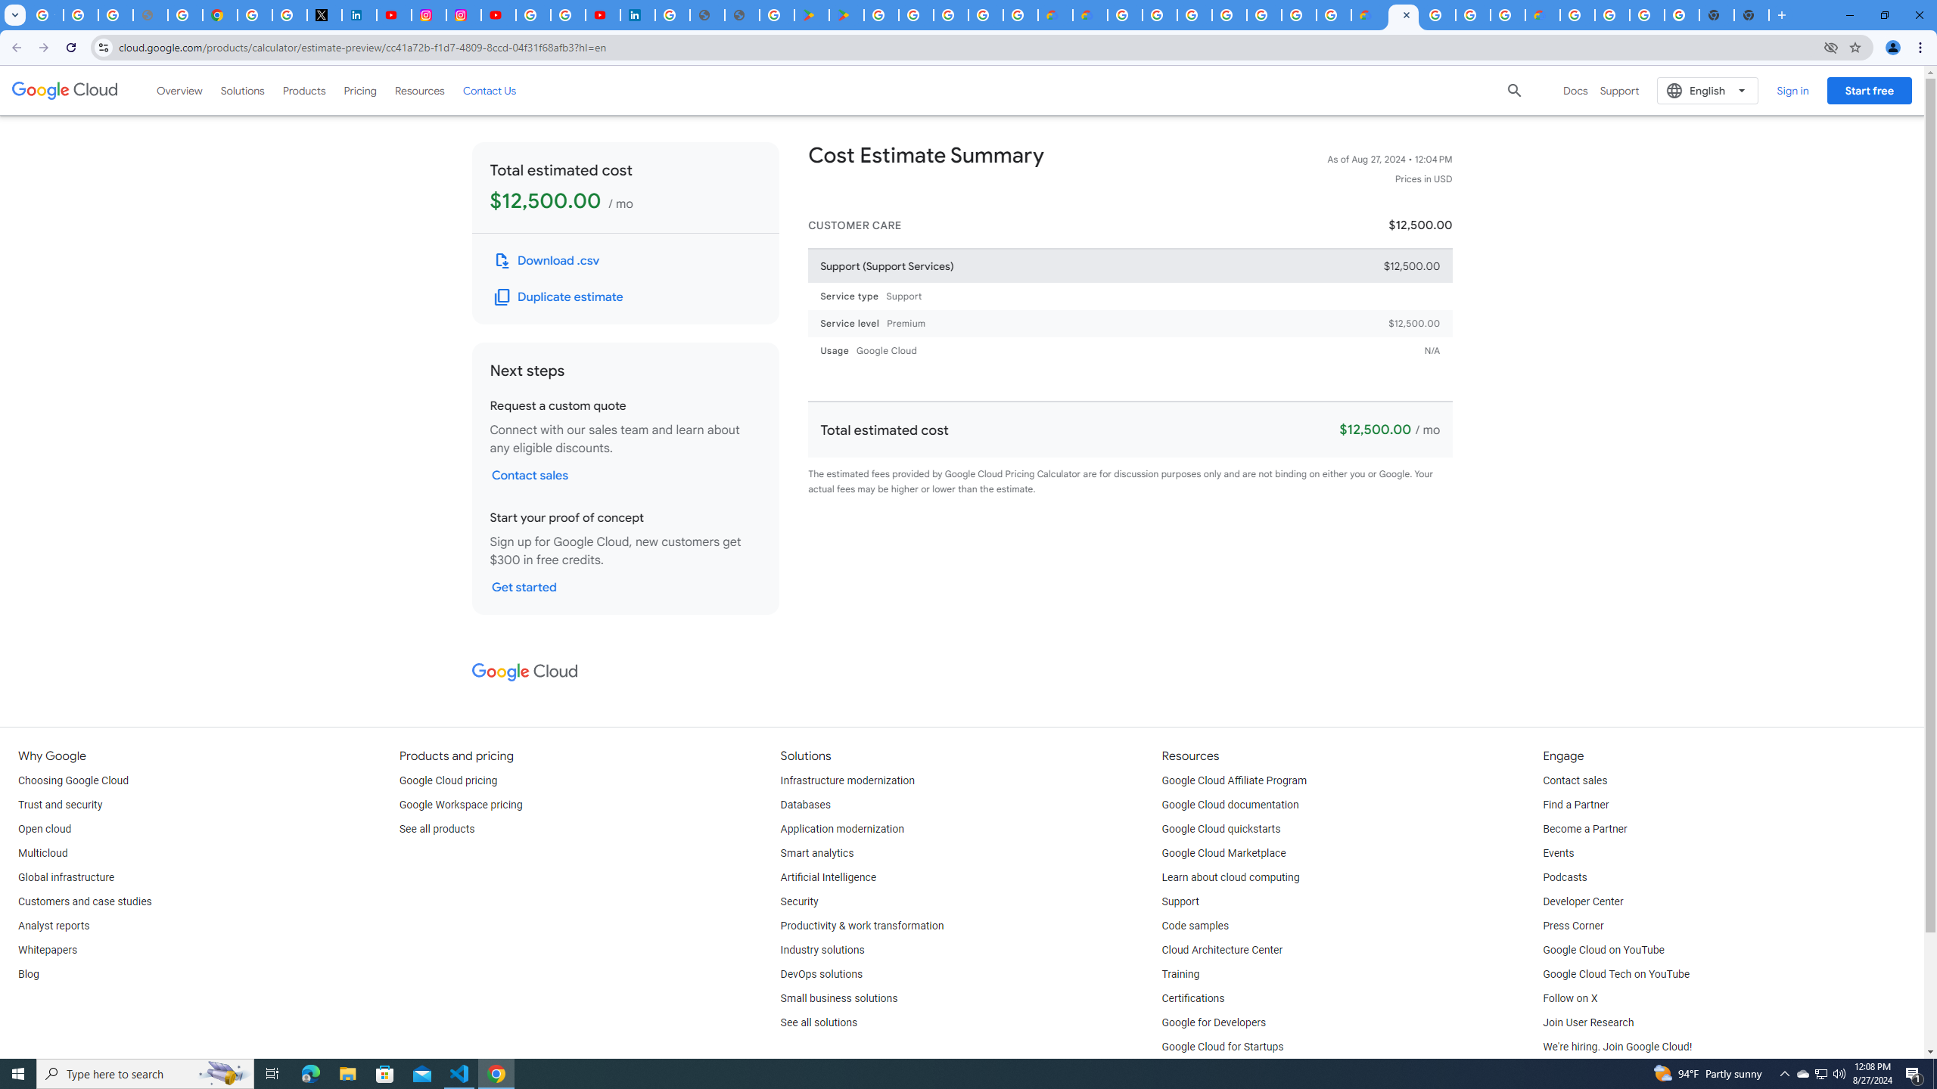 Image resolution: width=1937 pixels, height=1089 pixels. Describe the element at coordinates (1542, 14) in the screenshot. I see `'Google Cloud Service Health'` at that location.